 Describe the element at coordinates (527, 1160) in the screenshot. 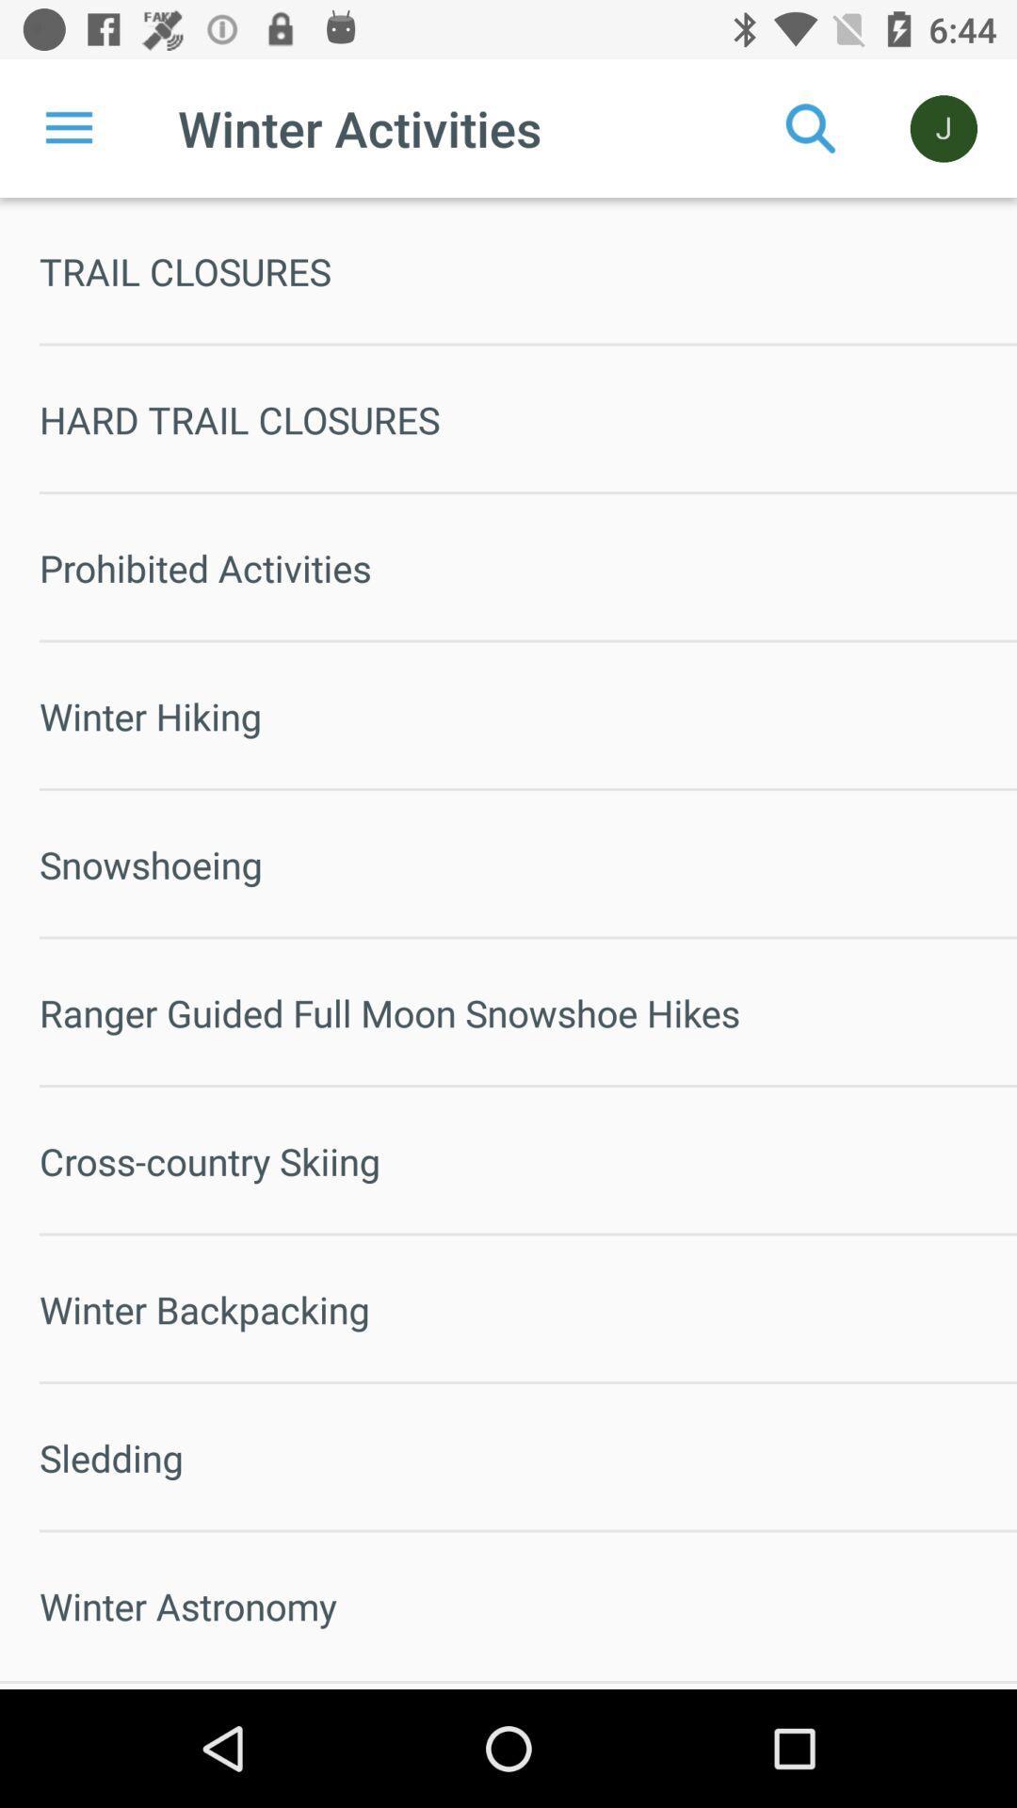

I see `cross-country skiing` at that location.